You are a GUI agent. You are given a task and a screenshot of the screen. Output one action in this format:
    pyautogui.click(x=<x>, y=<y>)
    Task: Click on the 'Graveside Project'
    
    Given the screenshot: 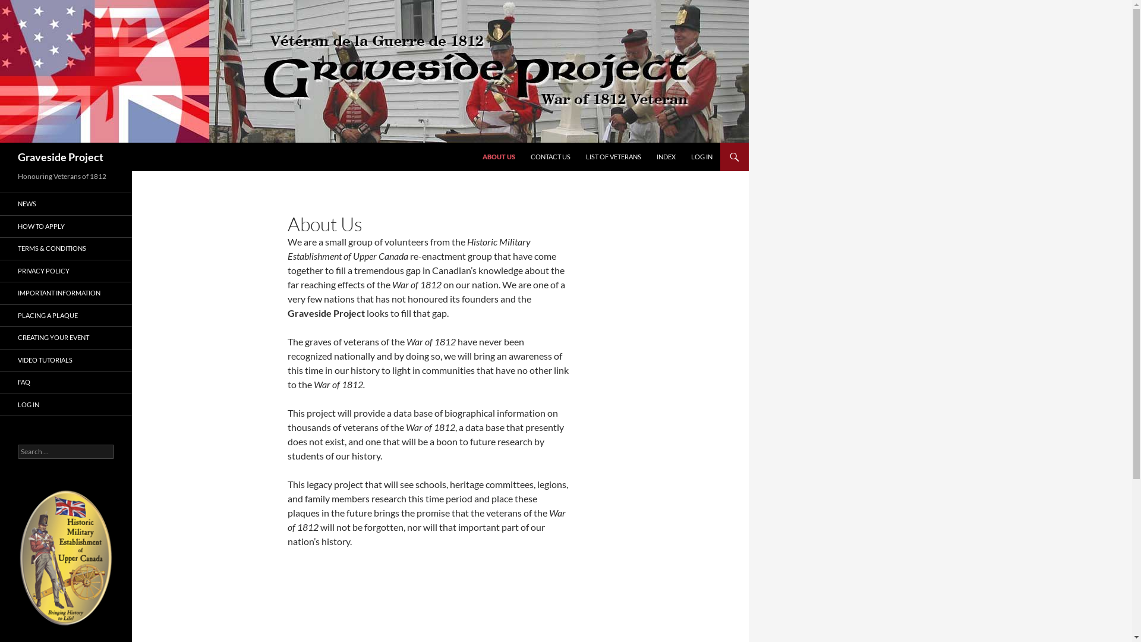 What is the action you would take?
    pyautogui.click(x=59, y=156)
    